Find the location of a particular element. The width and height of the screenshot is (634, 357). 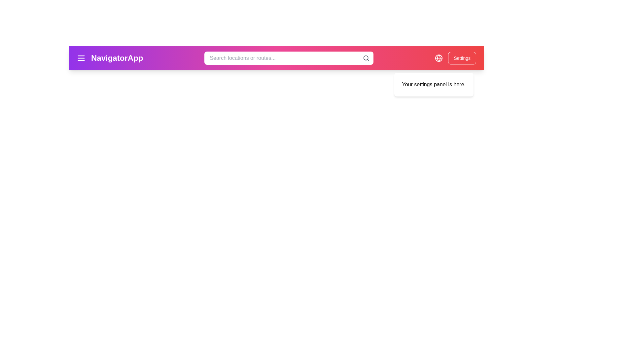

the text in the settings panel is located at coordinates (402, 80).